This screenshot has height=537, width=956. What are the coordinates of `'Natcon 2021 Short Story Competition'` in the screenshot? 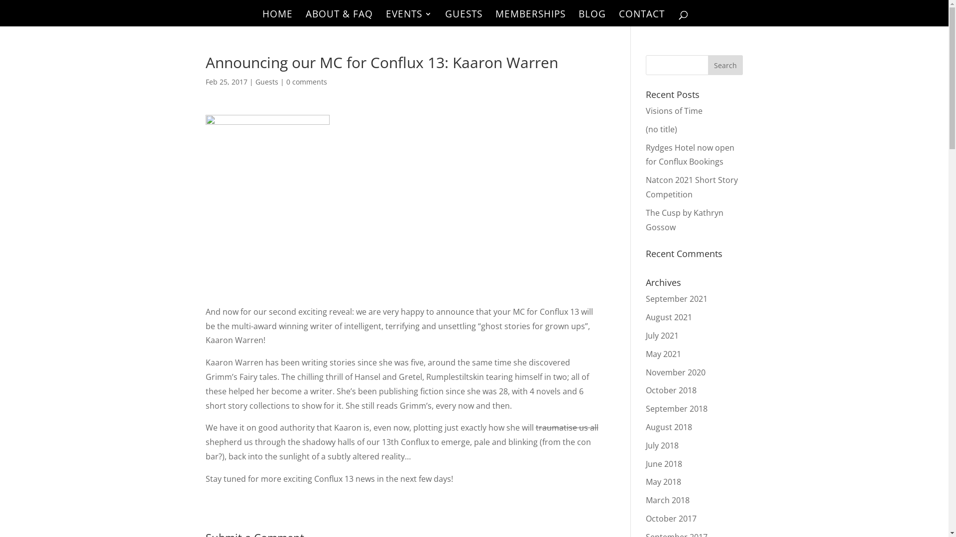 It's located at (691, 187).